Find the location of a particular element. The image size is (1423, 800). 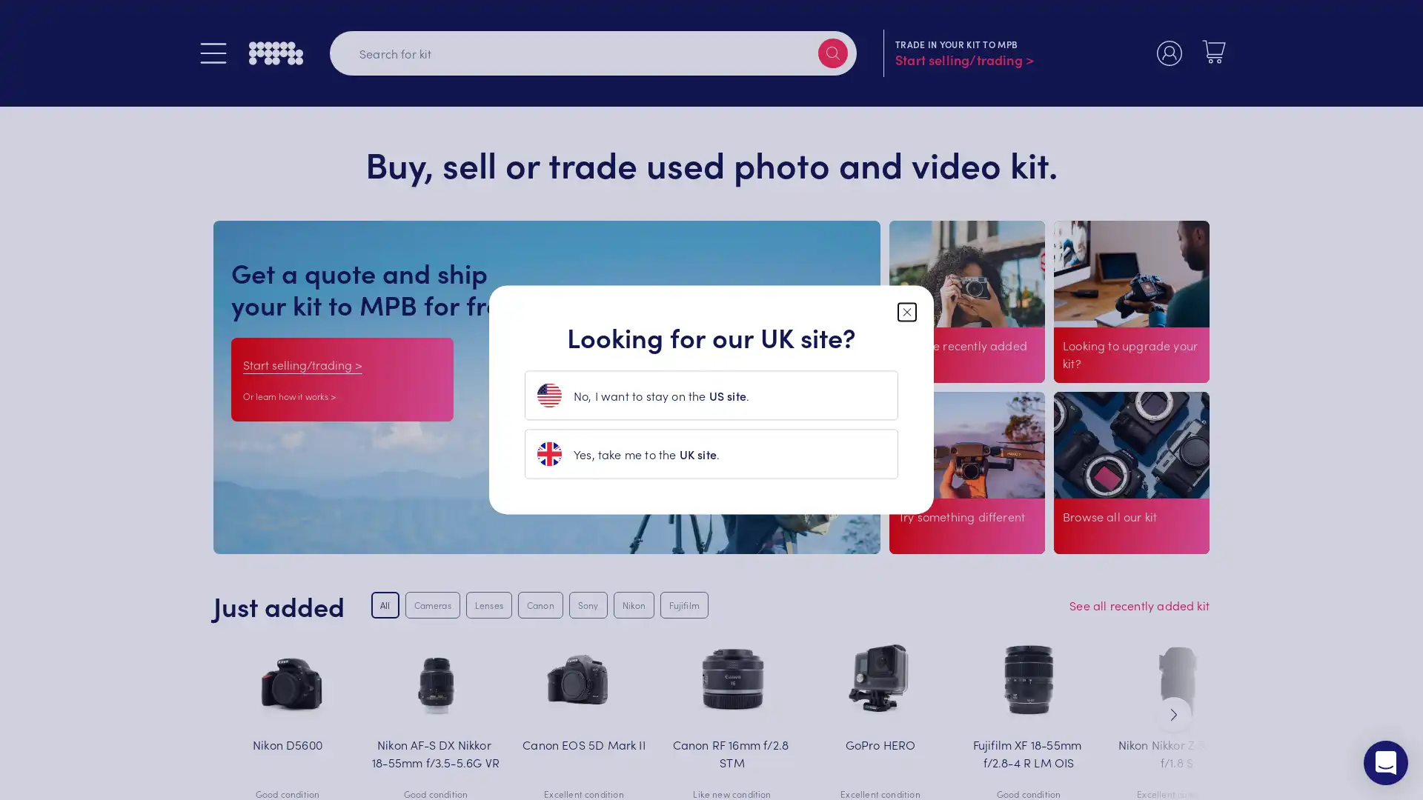

Close modal is located at coordinates (906, 310).